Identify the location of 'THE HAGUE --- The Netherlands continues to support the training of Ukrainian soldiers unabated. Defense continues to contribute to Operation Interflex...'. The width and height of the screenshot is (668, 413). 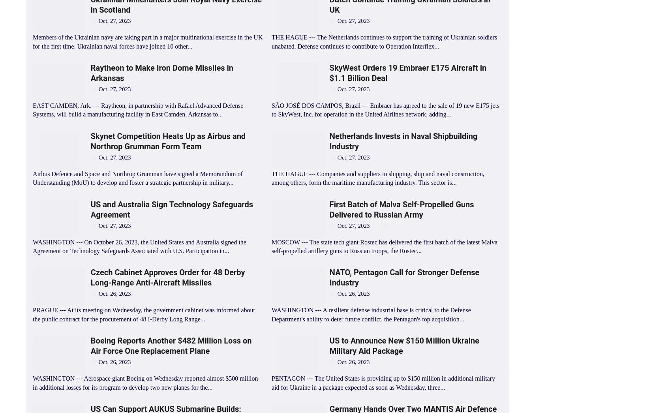
(384, 41).